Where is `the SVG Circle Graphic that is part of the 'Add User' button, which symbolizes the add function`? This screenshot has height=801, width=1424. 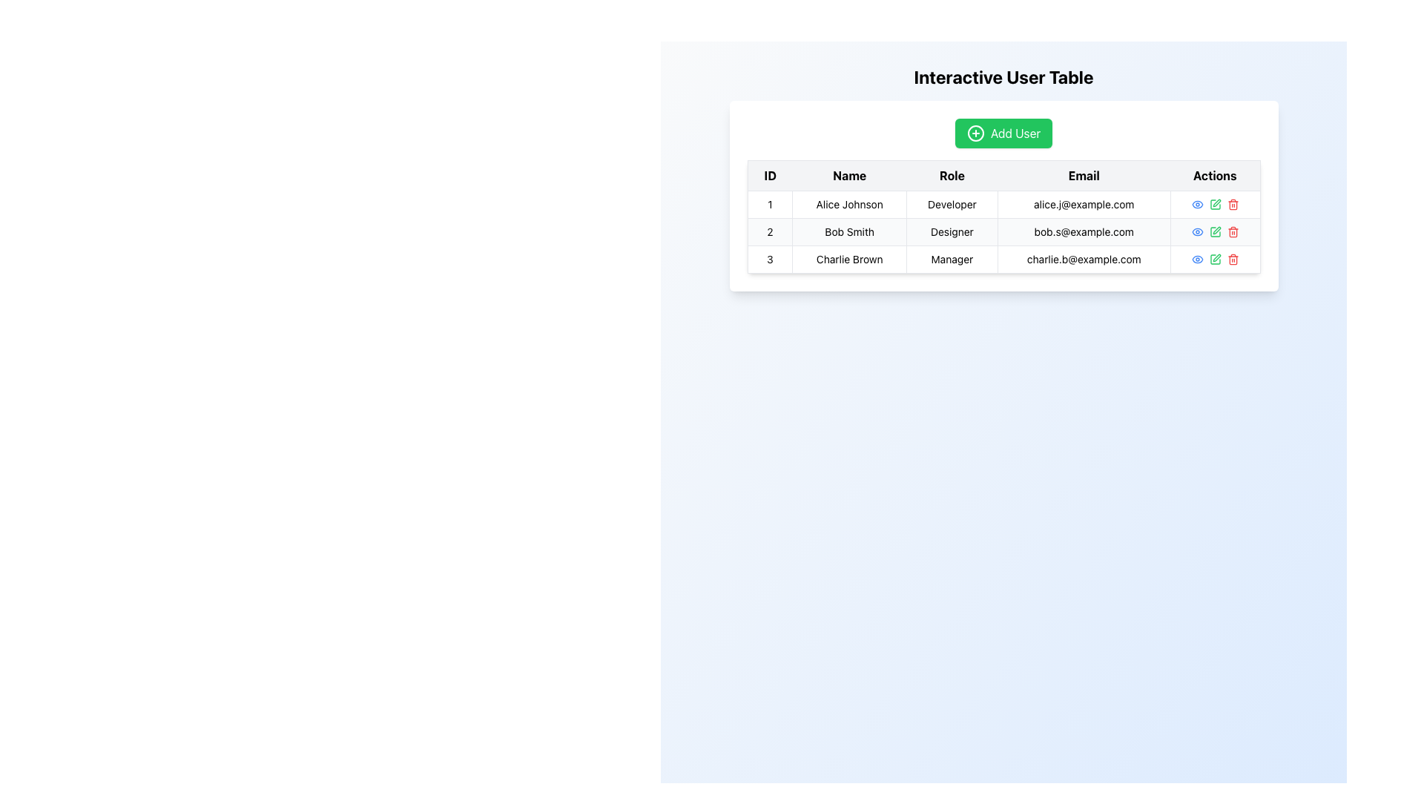 the SVG Circle Graphic that is part of the 'Add User' button, which symbolizes the add function is located at coordinates (975, 133).